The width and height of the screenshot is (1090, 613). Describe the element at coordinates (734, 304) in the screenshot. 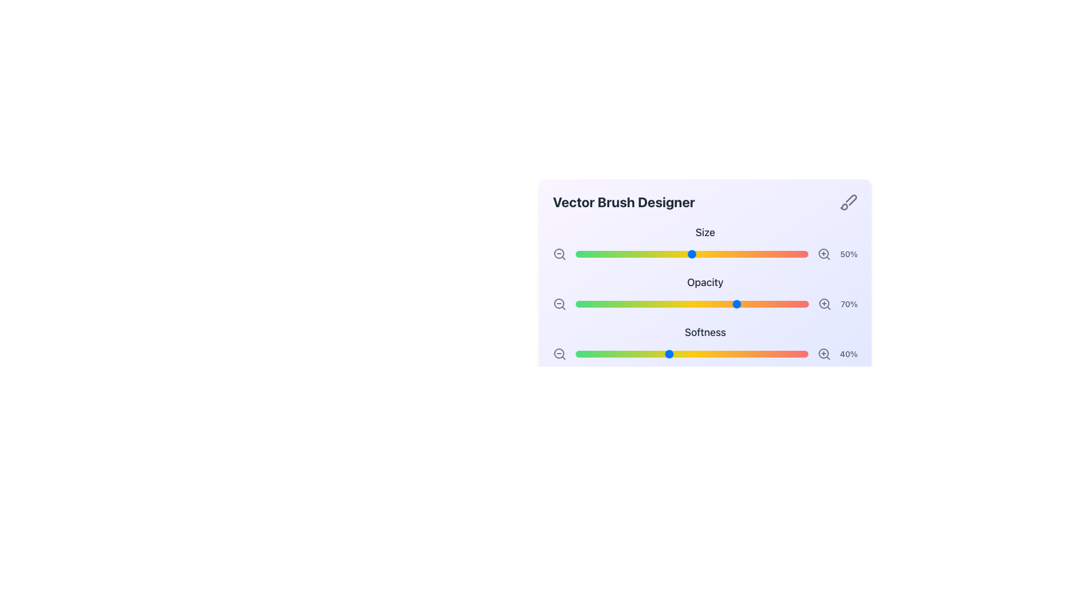

I see `opacity` at that location.